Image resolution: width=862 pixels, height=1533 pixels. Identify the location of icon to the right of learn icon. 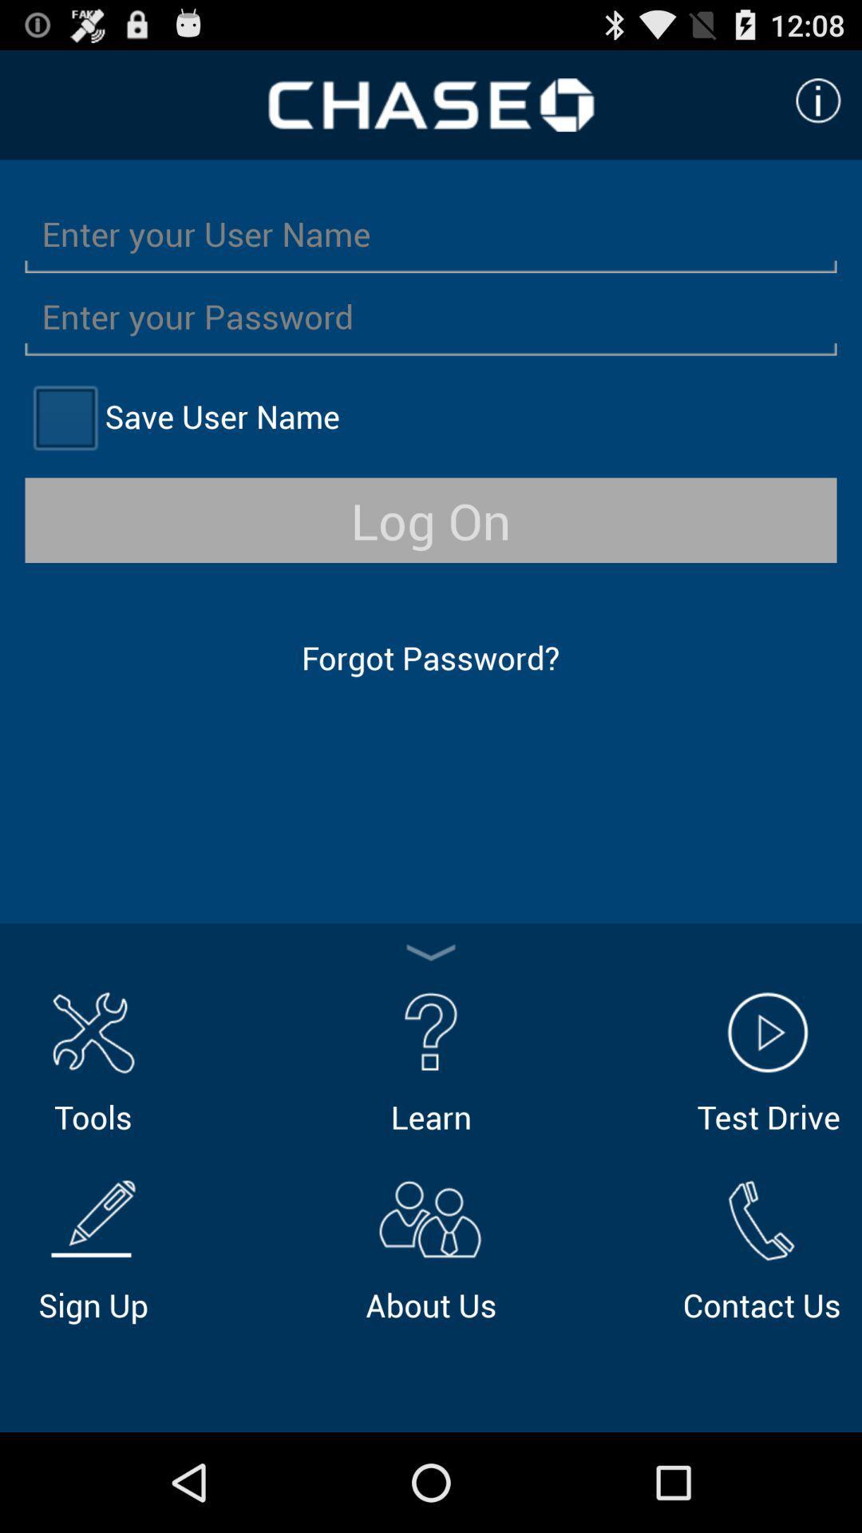
(768, 1060).